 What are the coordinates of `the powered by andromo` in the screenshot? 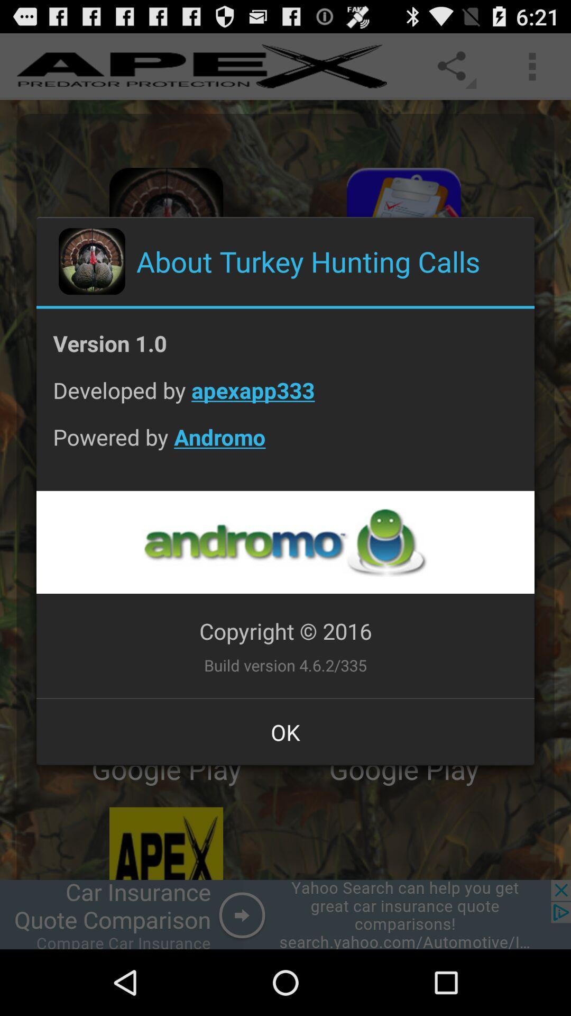 It's located at (285, 445).